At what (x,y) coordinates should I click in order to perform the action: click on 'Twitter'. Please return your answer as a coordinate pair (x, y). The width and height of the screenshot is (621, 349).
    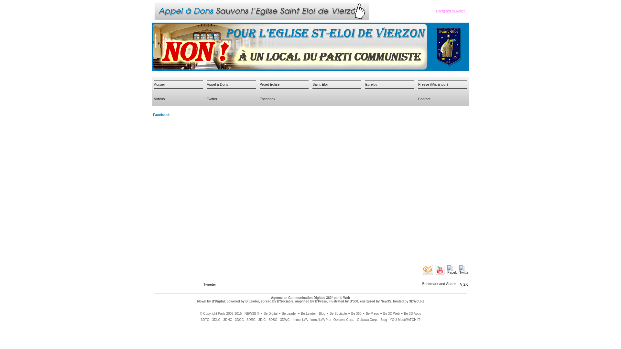
    Looking at the image, I should click on (206, 99).